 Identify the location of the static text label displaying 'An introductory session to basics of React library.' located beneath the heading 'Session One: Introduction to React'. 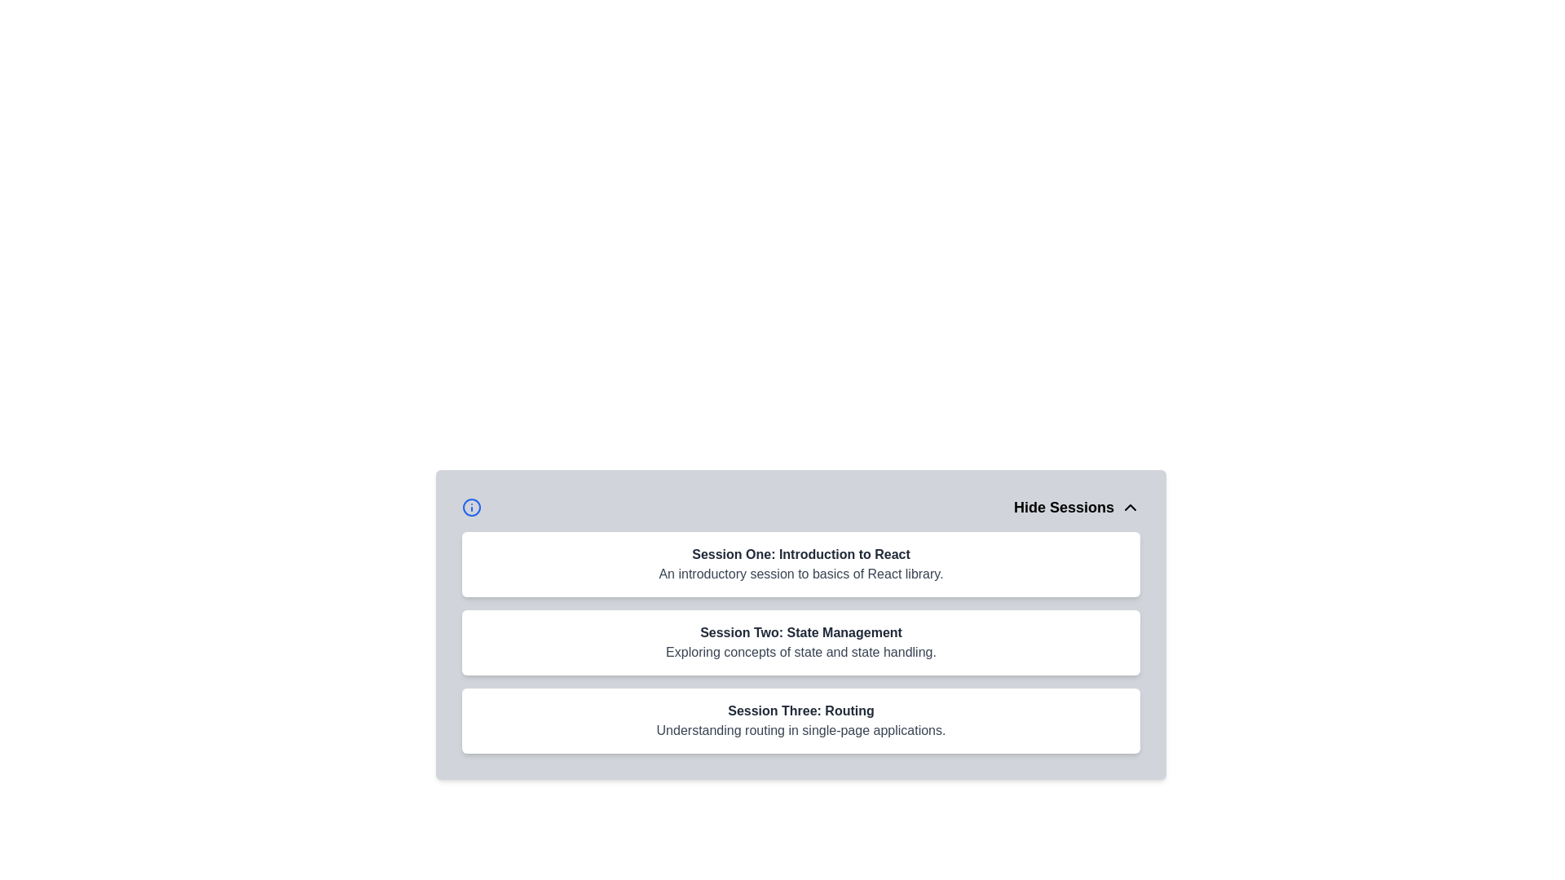
(801, 574).